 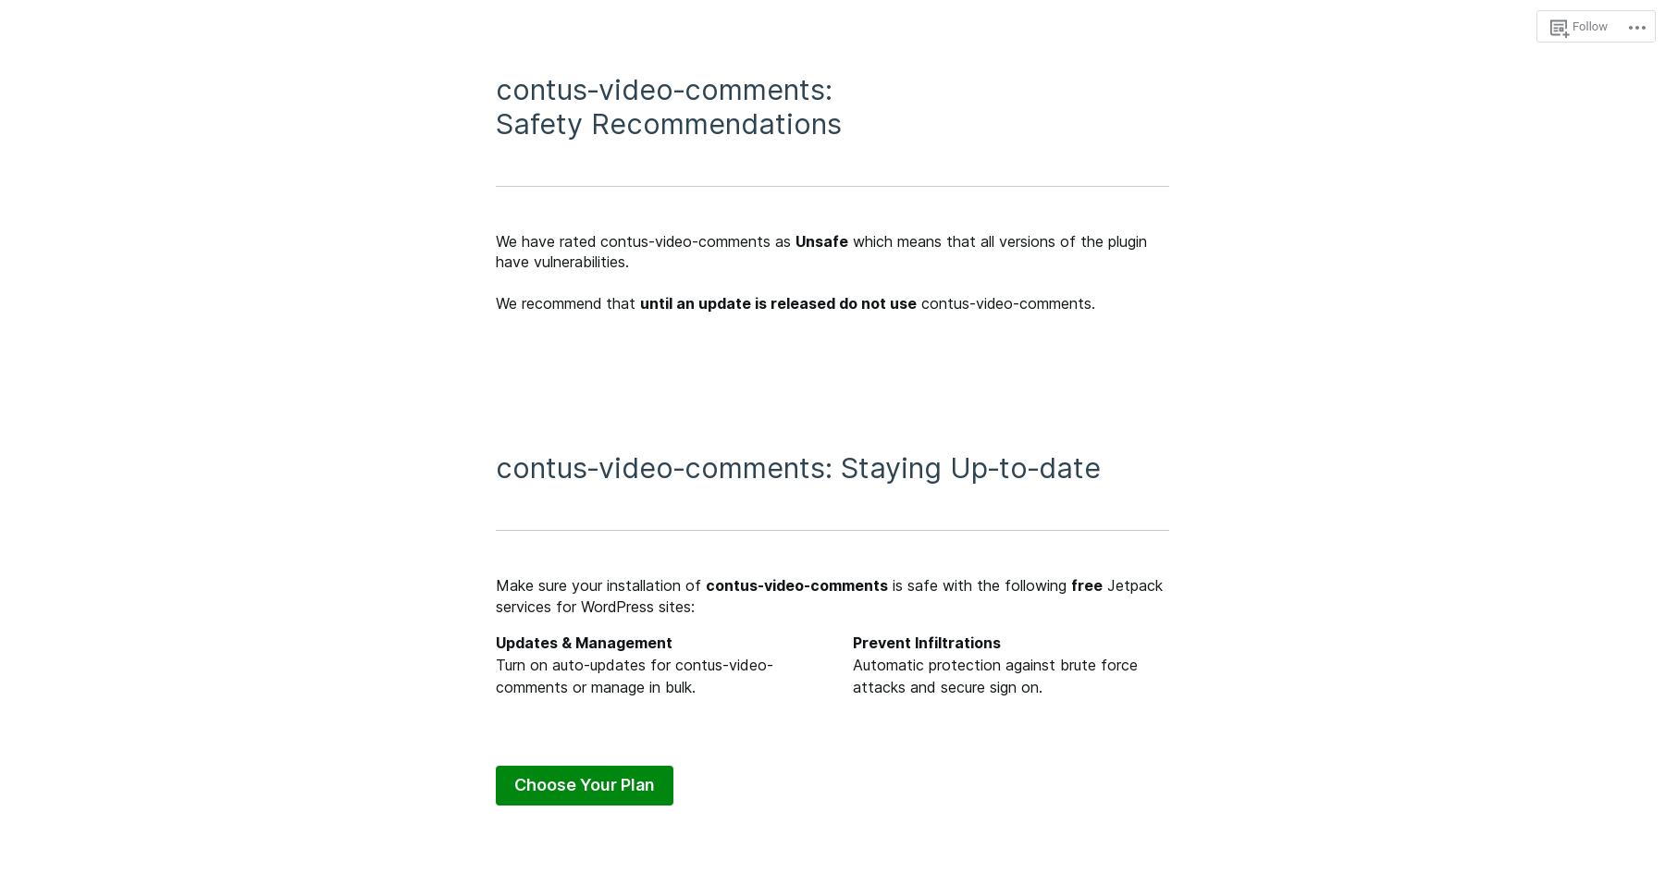 What do you see at coordinates (829, 595) in the screenshot?
I see `'Jetpack services for WordPress sites:'` at bounding box center [829, 595].